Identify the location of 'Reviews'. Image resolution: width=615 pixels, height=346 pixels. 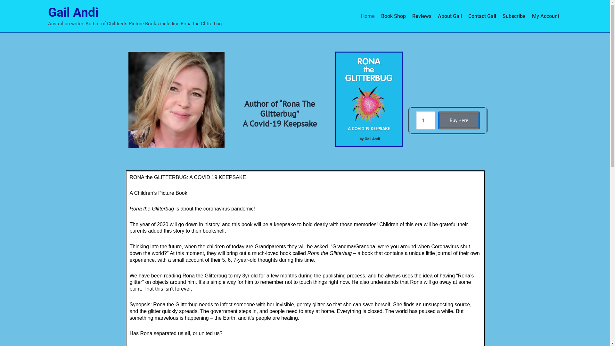
(421, 16).